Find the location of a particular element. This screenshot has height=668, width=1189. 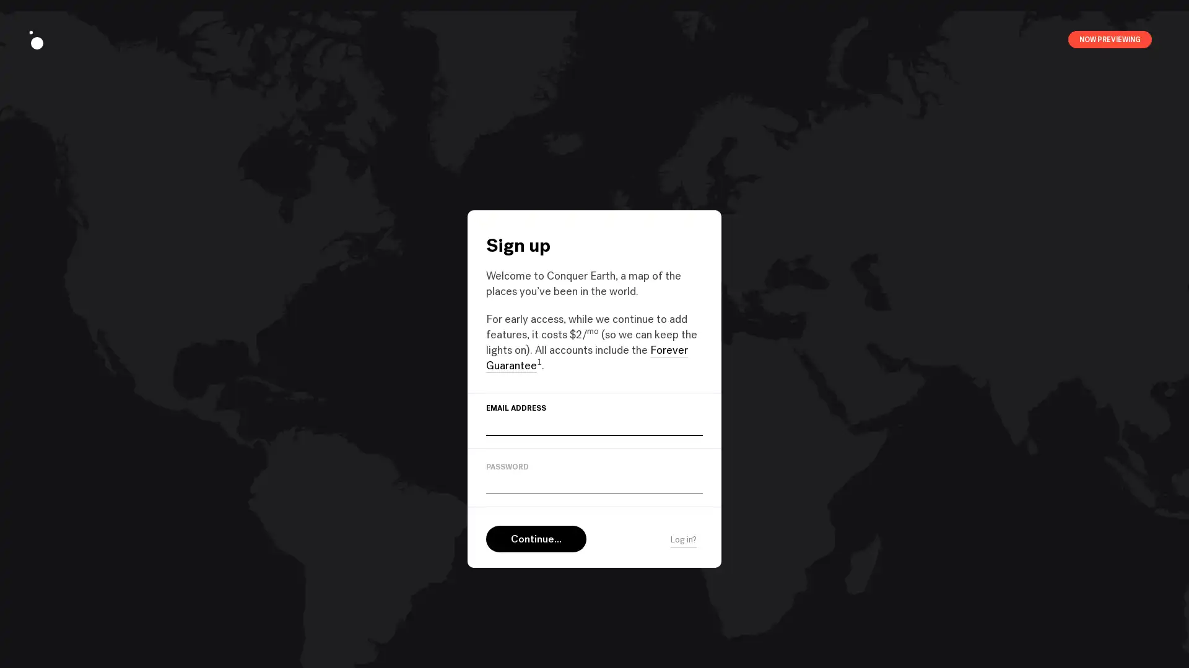

Continue... is located at coordinates (536, 538).